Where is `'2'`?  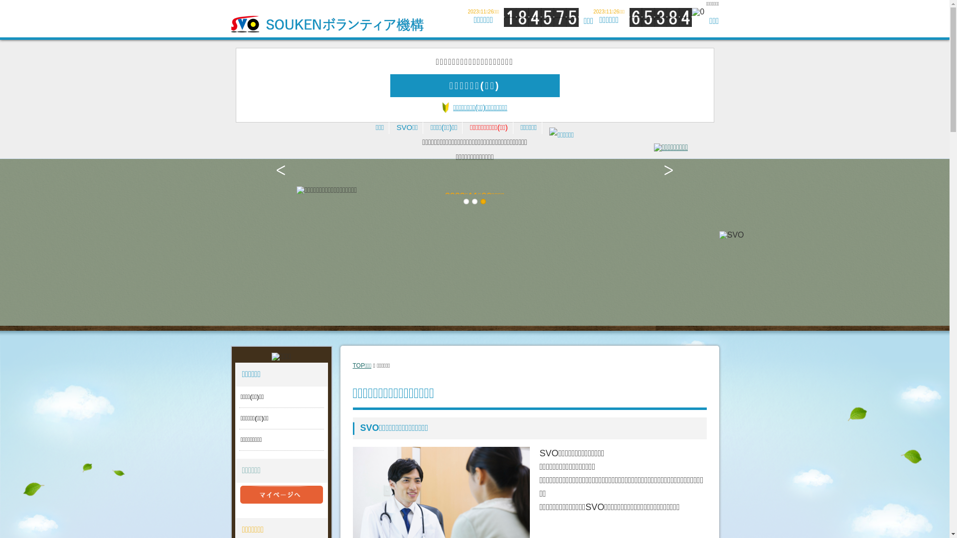
'2' is located at coordinates (471, 201).